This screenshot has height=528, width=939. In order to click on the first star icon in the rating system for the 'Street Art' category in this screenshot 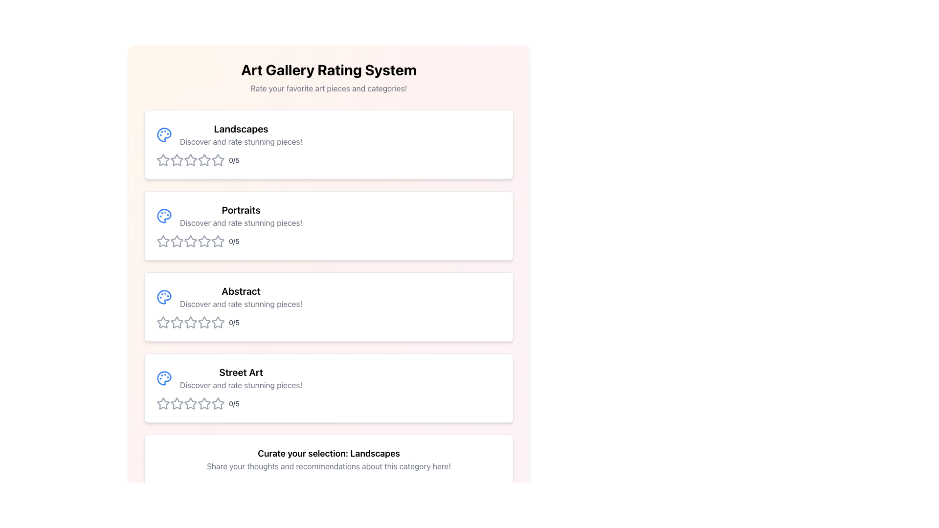, I will do `click(163, 403)`.